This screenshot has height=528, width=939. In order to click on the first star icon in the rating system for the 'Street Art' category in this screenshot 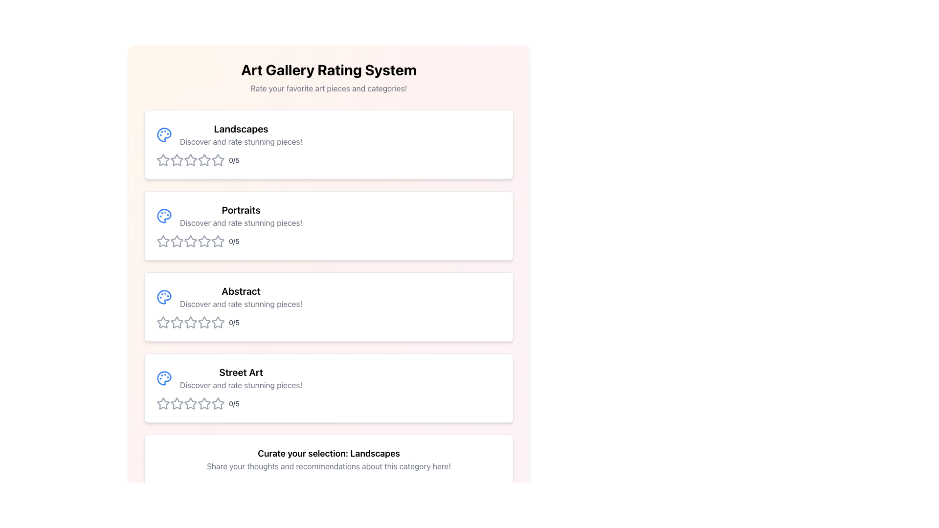, I will do `click(163, 403)`.